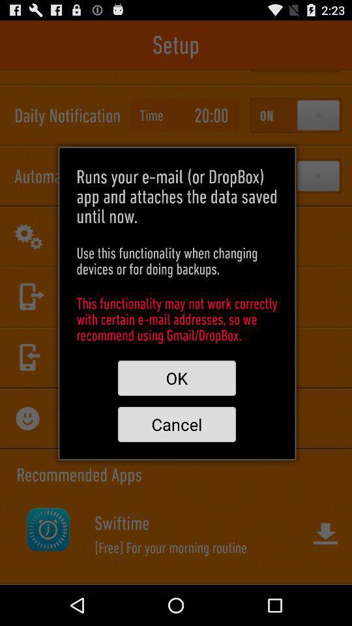 The width and height of the screenshot is (352, 626). I want to click on icon below ok button, so click(176, 423).